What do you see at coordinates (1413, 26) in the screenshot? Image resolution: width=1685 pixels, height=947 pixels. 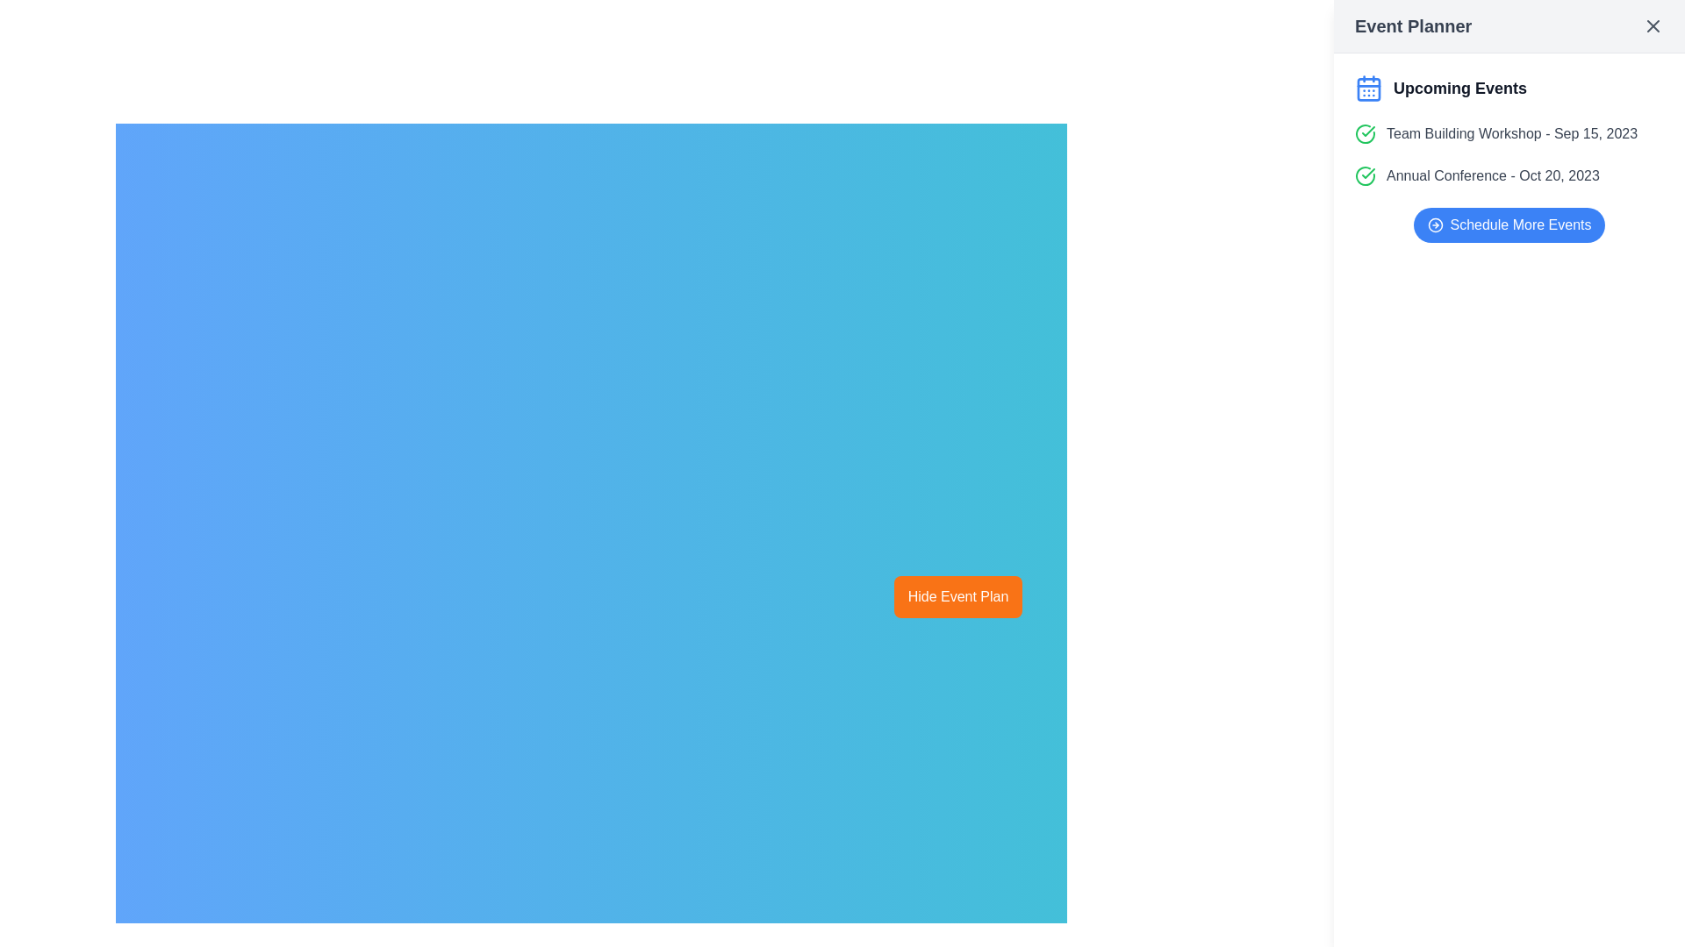 I see `the text label that serves as the title or heading for the section, located in the top-right corner of the interface` at bounding box center [1413, 26].